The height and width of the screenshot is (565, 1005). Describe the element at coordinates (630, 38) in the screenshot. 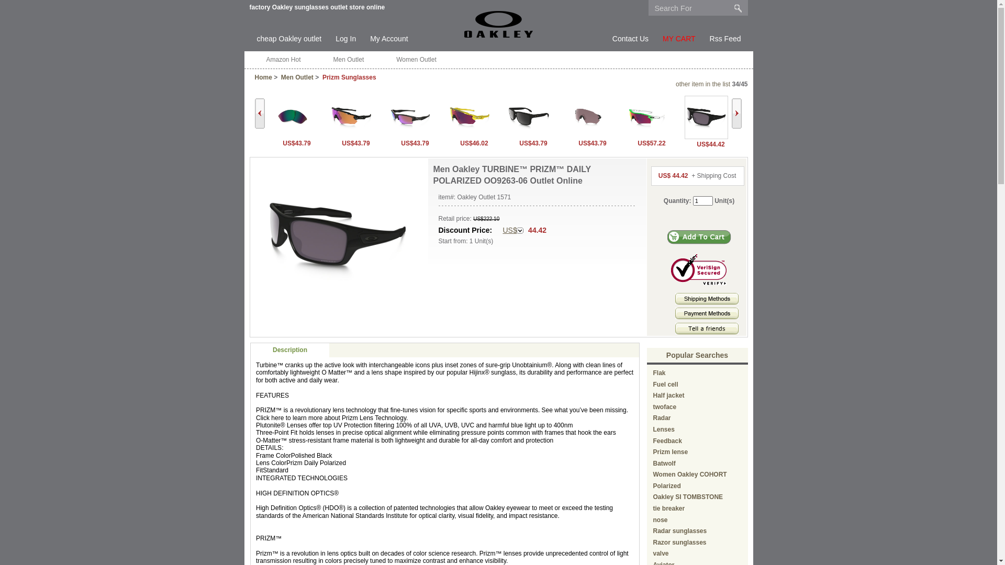

I see `'Contact Us'` at that location.